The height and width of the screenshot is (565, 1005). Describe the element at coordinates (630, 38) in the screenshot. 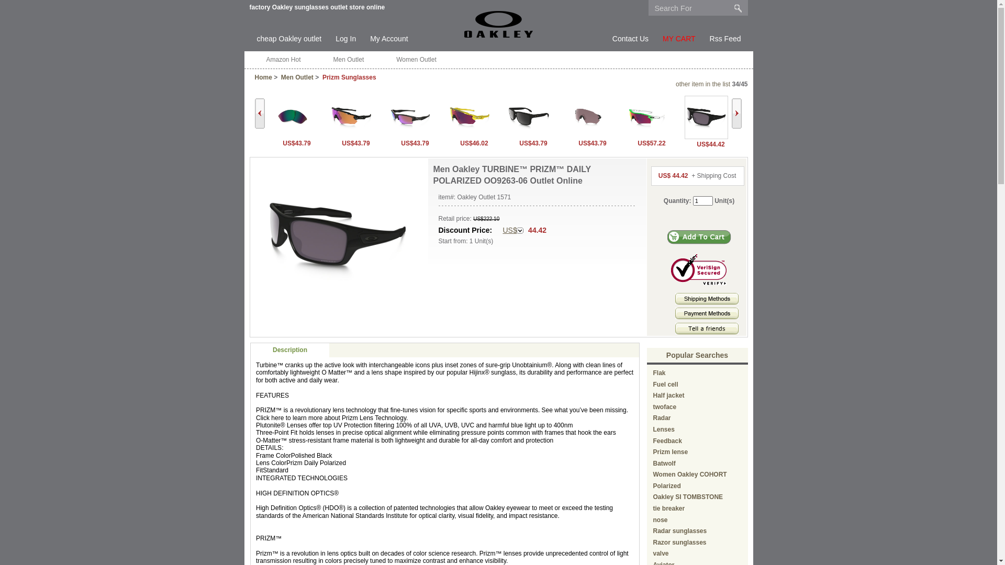

I see `'Contact Us'` at that location.